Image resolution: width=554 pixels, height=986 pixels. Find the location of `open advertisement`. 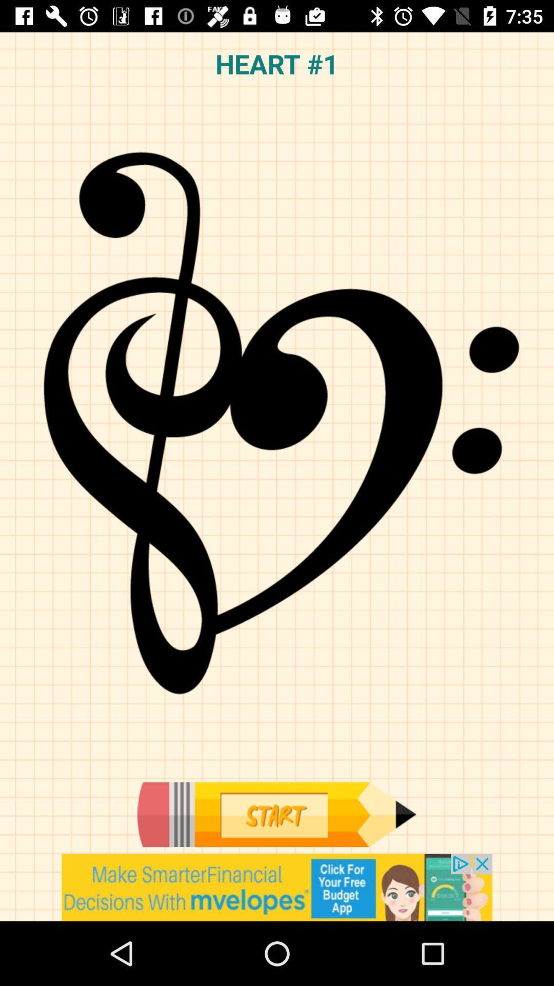

open advertisement is located at coordinates (277, 887).